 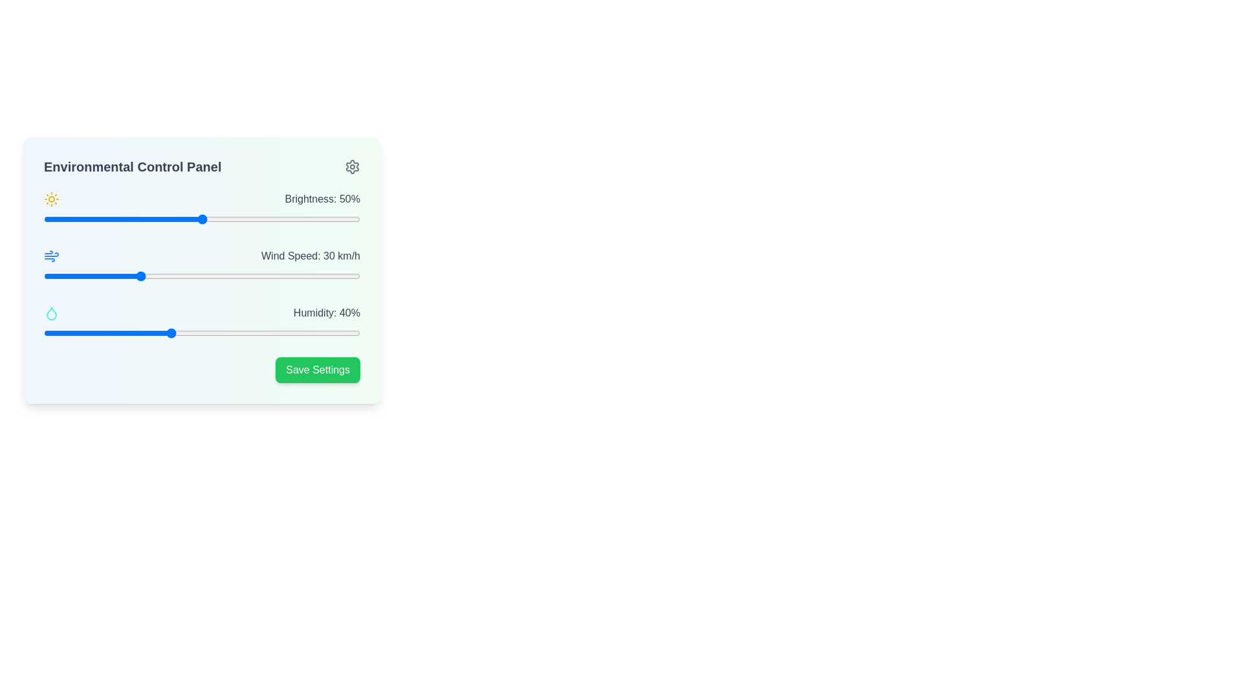 I want to click on brightness, so click(x=113, y=219).